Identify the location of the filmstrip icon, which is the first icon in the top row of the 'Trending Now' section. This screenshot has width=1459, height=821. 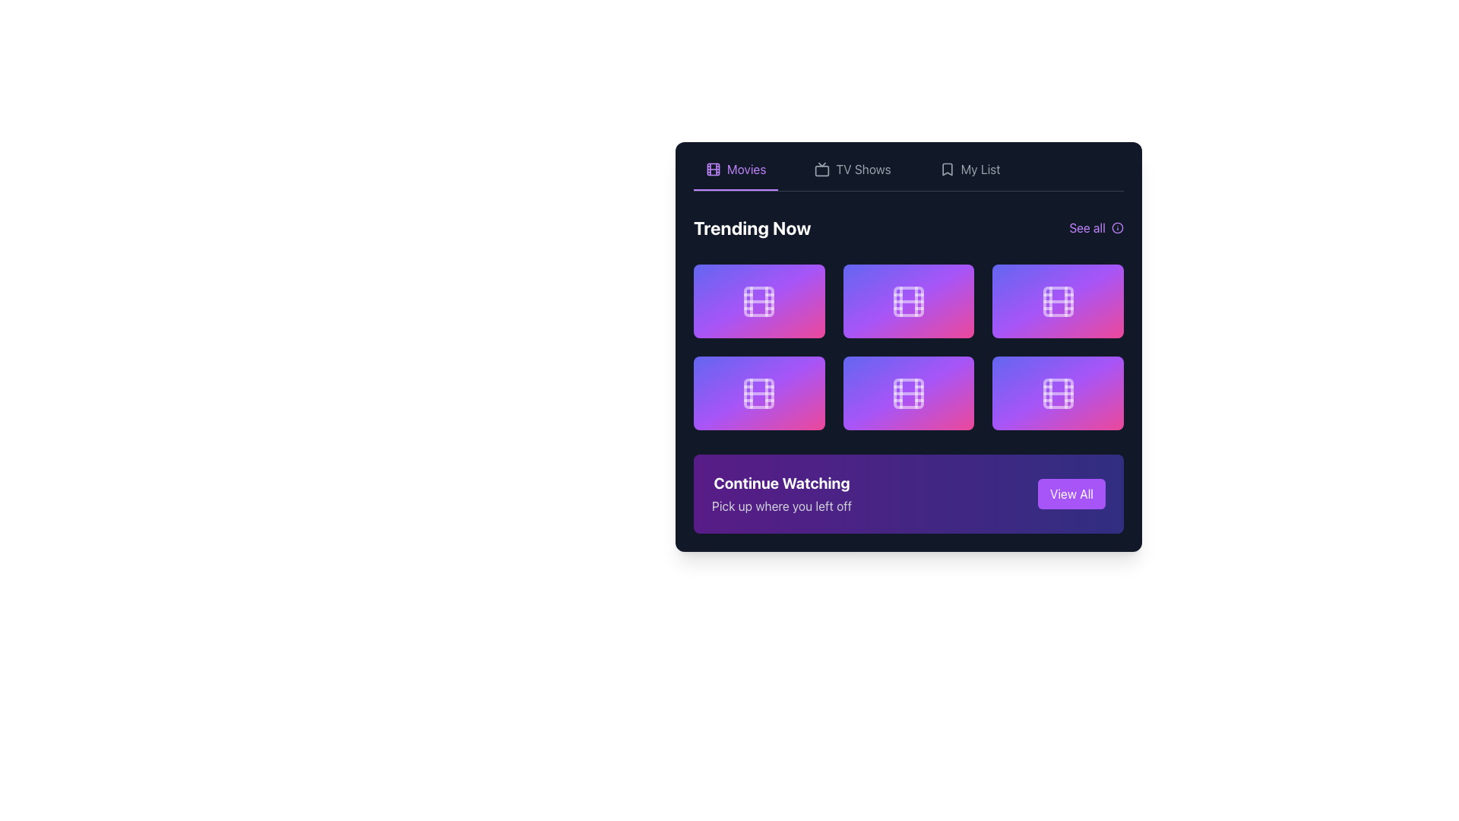
(759, 301).